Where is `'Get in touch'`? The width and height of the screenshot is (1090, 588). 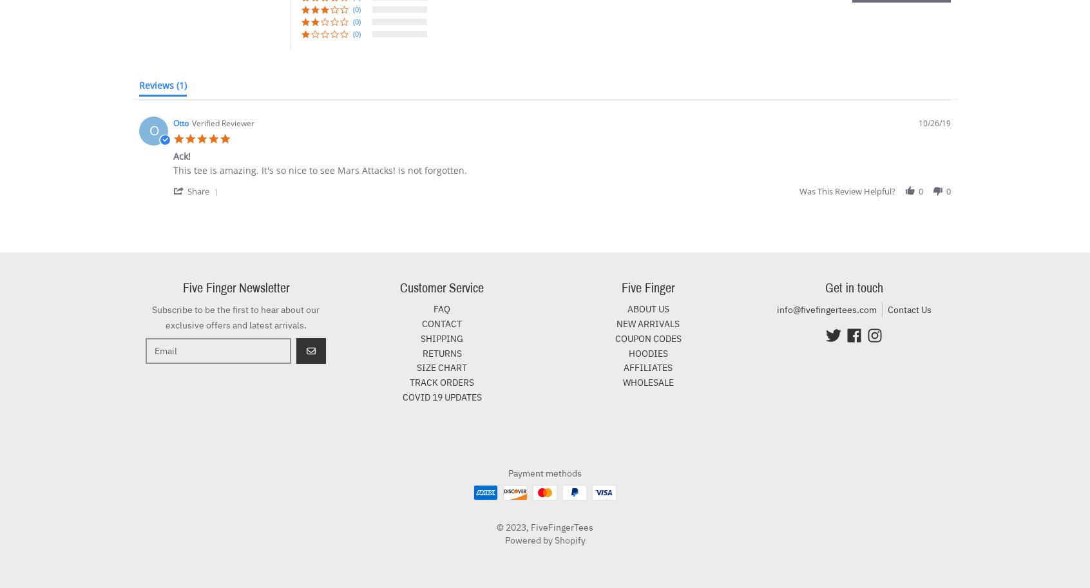
'Get in touch' is located at coordinates (825, 288).